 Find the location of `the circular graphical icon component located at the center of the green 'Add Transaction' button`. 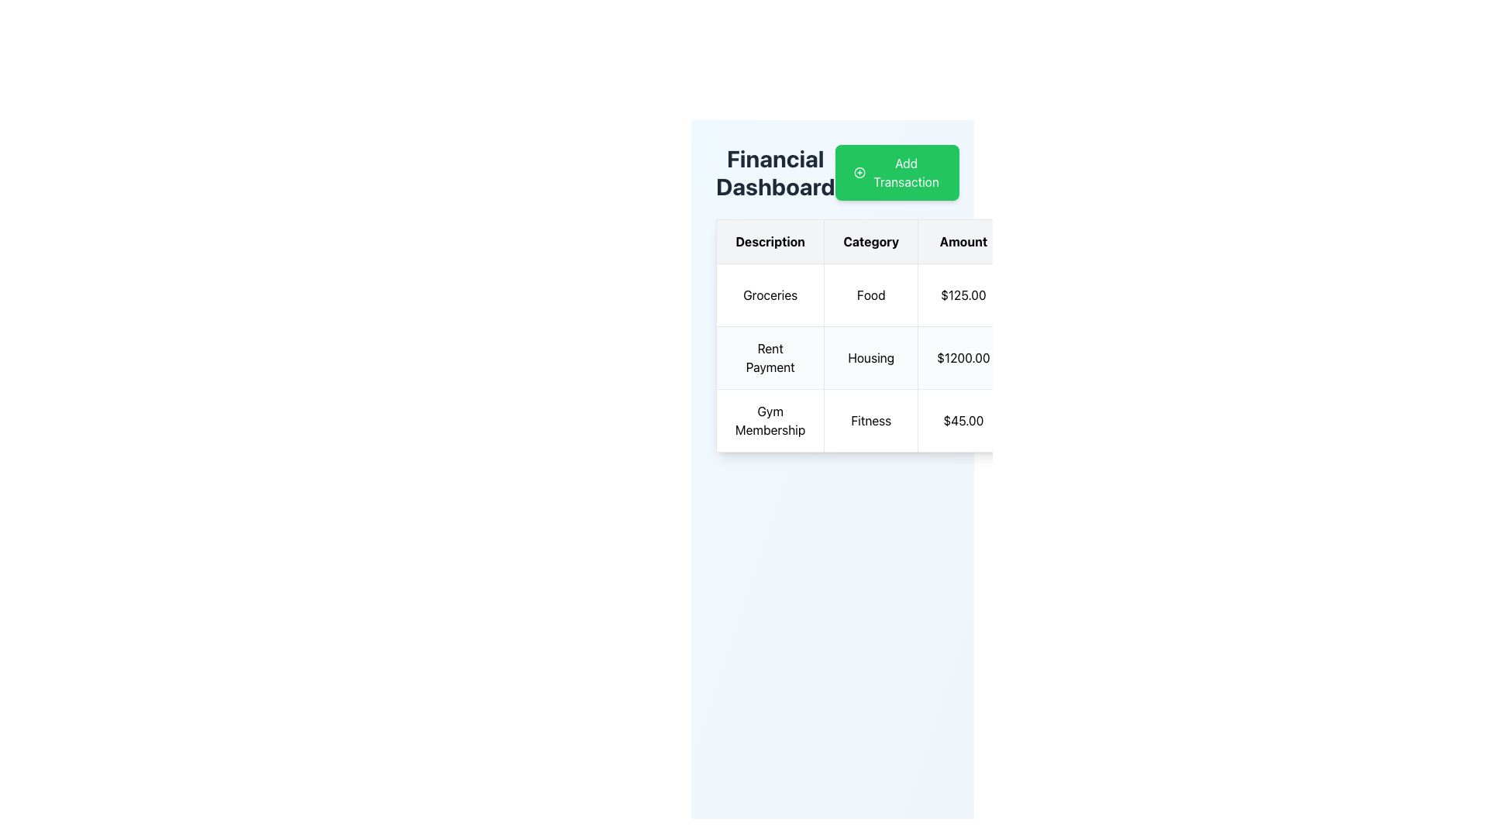

the circular graphical icon component located at the center of the green 'Add Transaction' button is located at coordinates (859, 173).